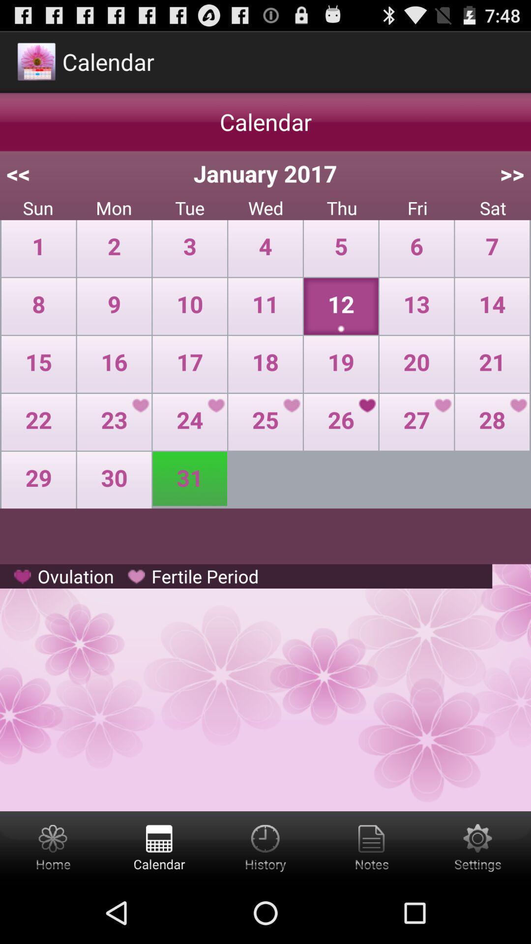 The height and width of the screenshot is (944, 531). I want to click on settings button, so click(477, 846).